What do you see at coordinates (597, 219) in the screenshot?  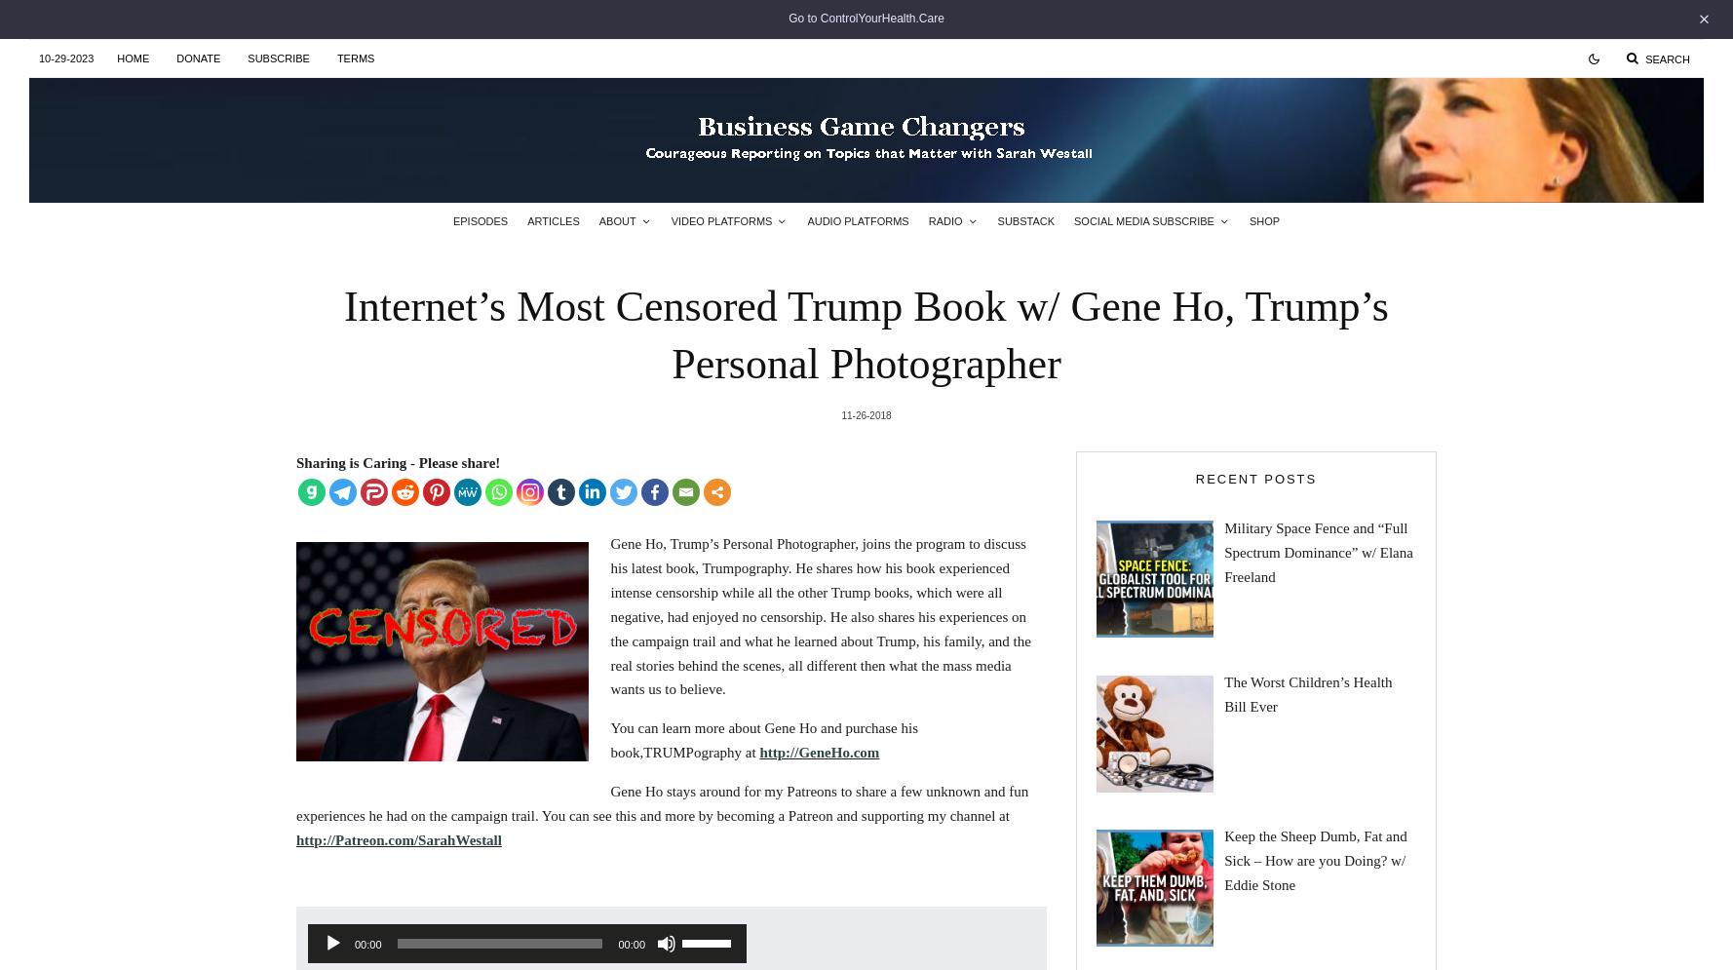 I see `'About'` at bounding box center [597, 219].